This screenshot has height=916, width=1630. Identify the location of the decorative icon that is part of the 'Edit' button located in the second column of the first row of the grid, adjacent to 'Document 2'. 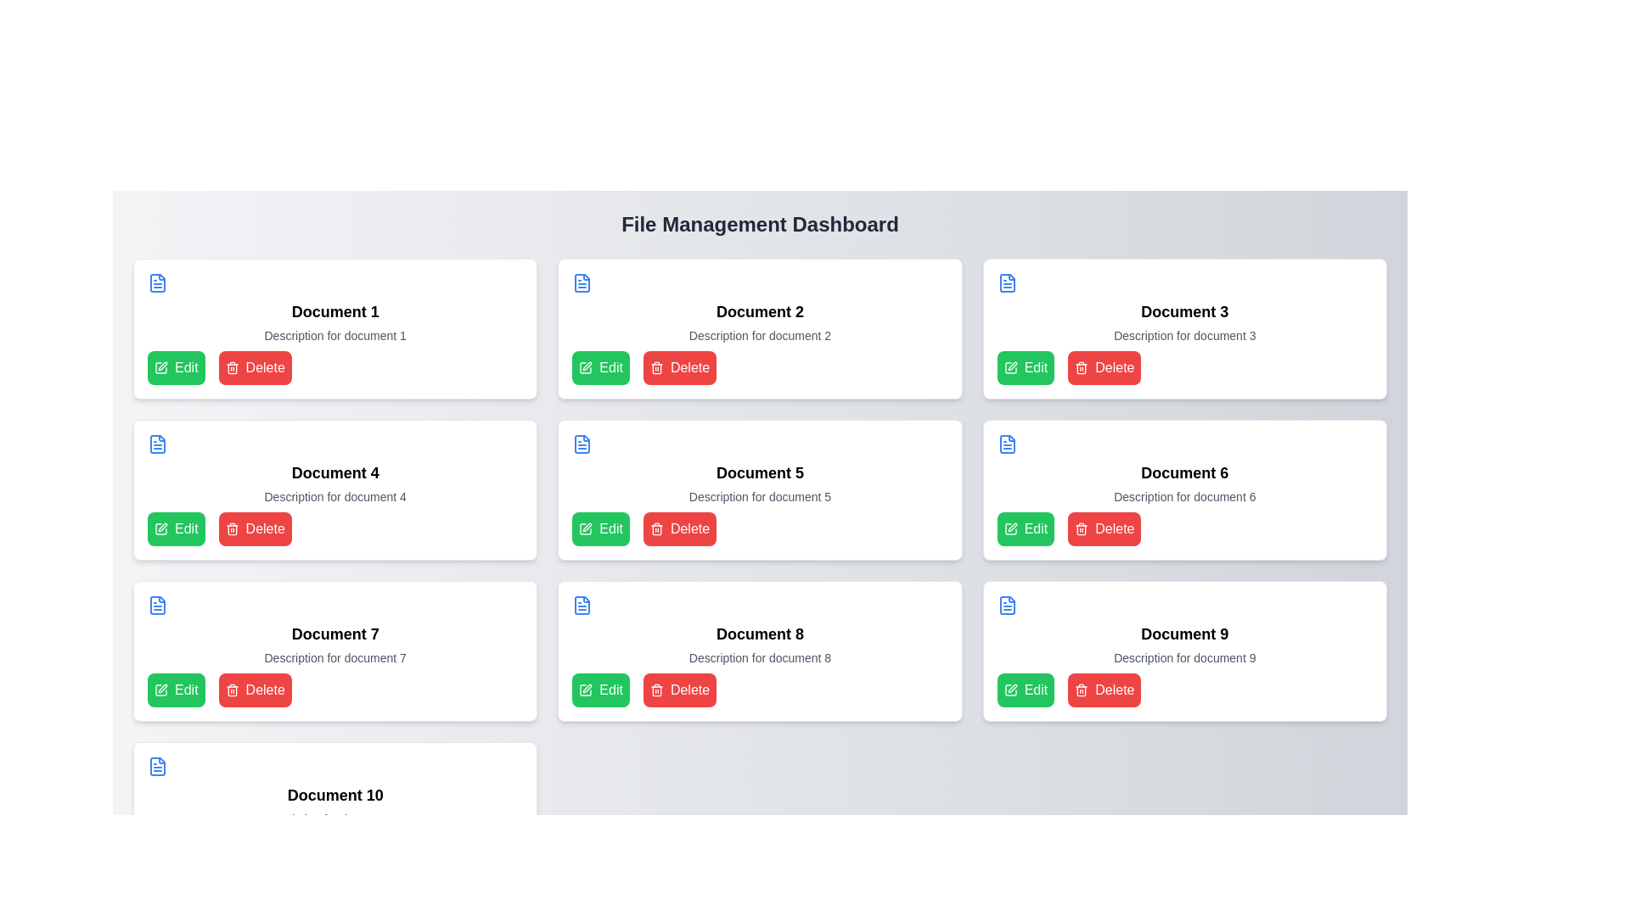
(586, 367).